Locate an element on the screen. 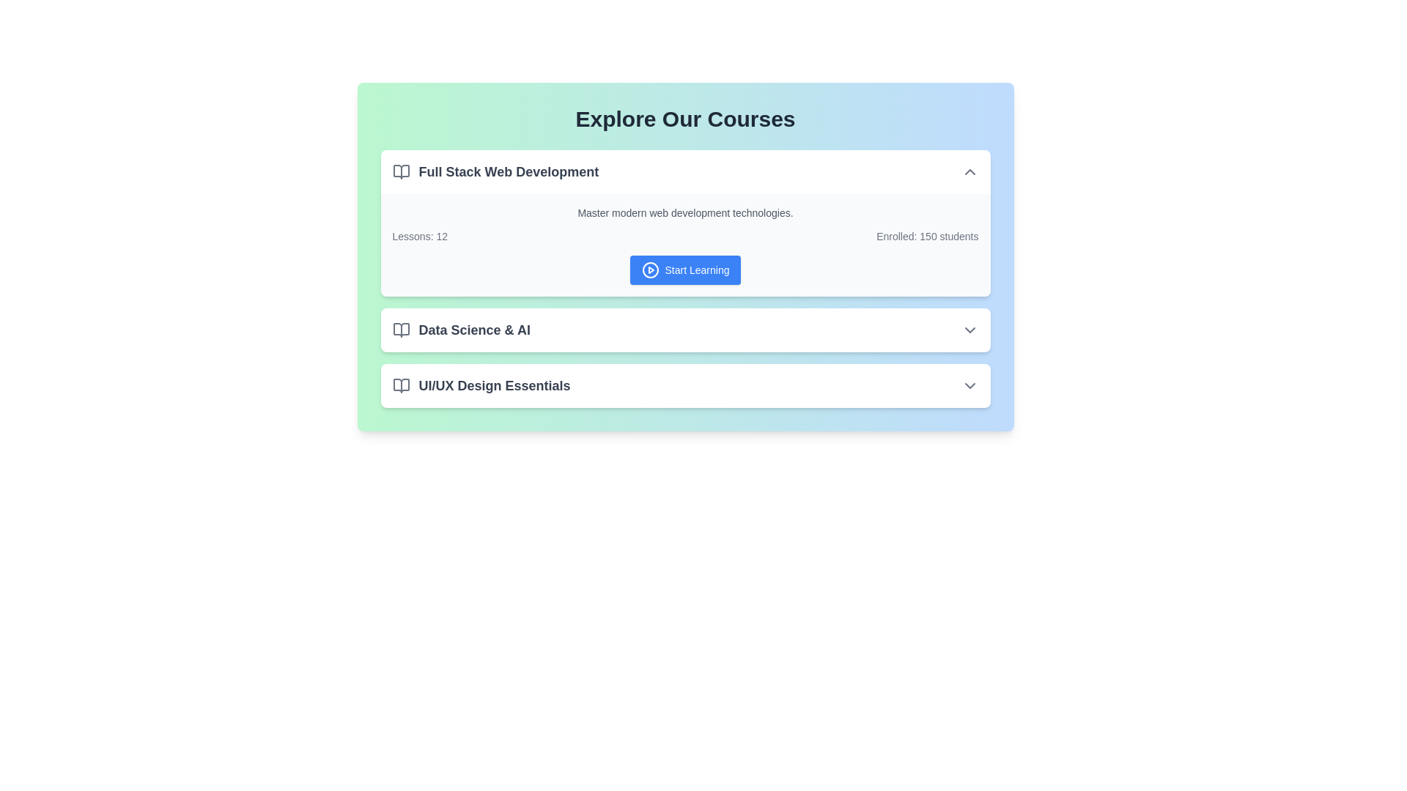  the gray-colored text segment located at the top of the 'Full Stack Web Development' course overview card, which appears under the course title and above additional information is located at coordinates (684, 212).